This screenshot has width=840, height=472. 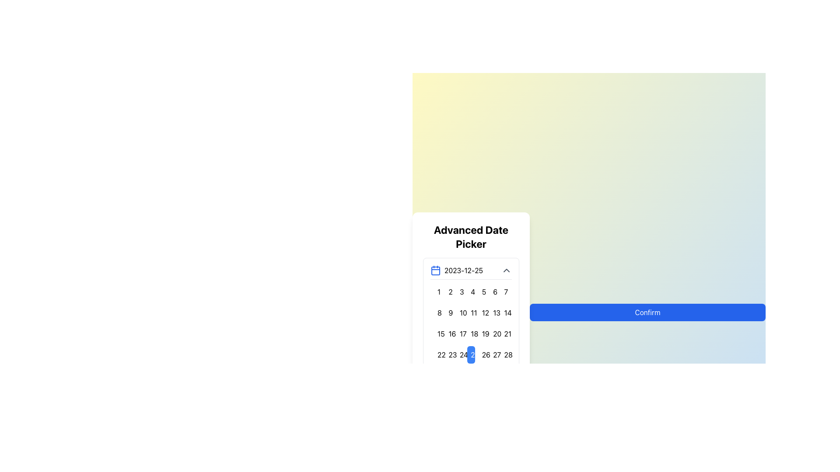 I want to click on the rectangular button with rounded corners labeled '16' in bold font within the date picker interface, so click(x=449, y=333).